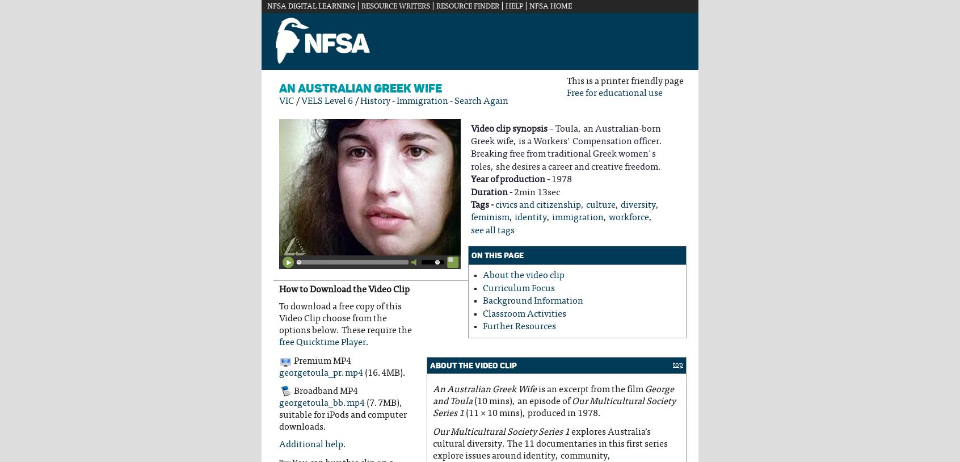 This screenshot has height=462, width=960. Describe the element at coordinates (492, 230) in the screenshot. I see `'see all tags'` at that location.